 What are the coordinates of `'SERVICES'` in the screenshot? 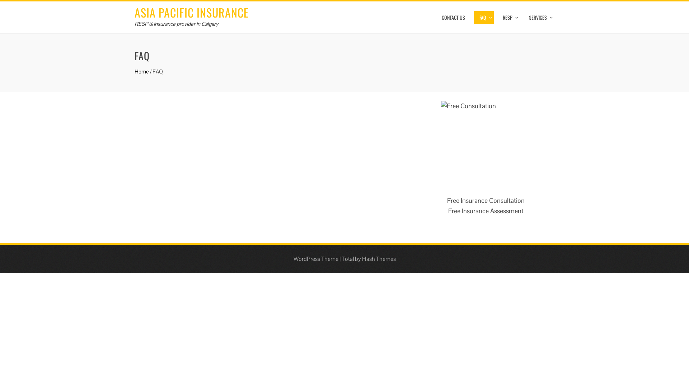 It's located at (539, 17).